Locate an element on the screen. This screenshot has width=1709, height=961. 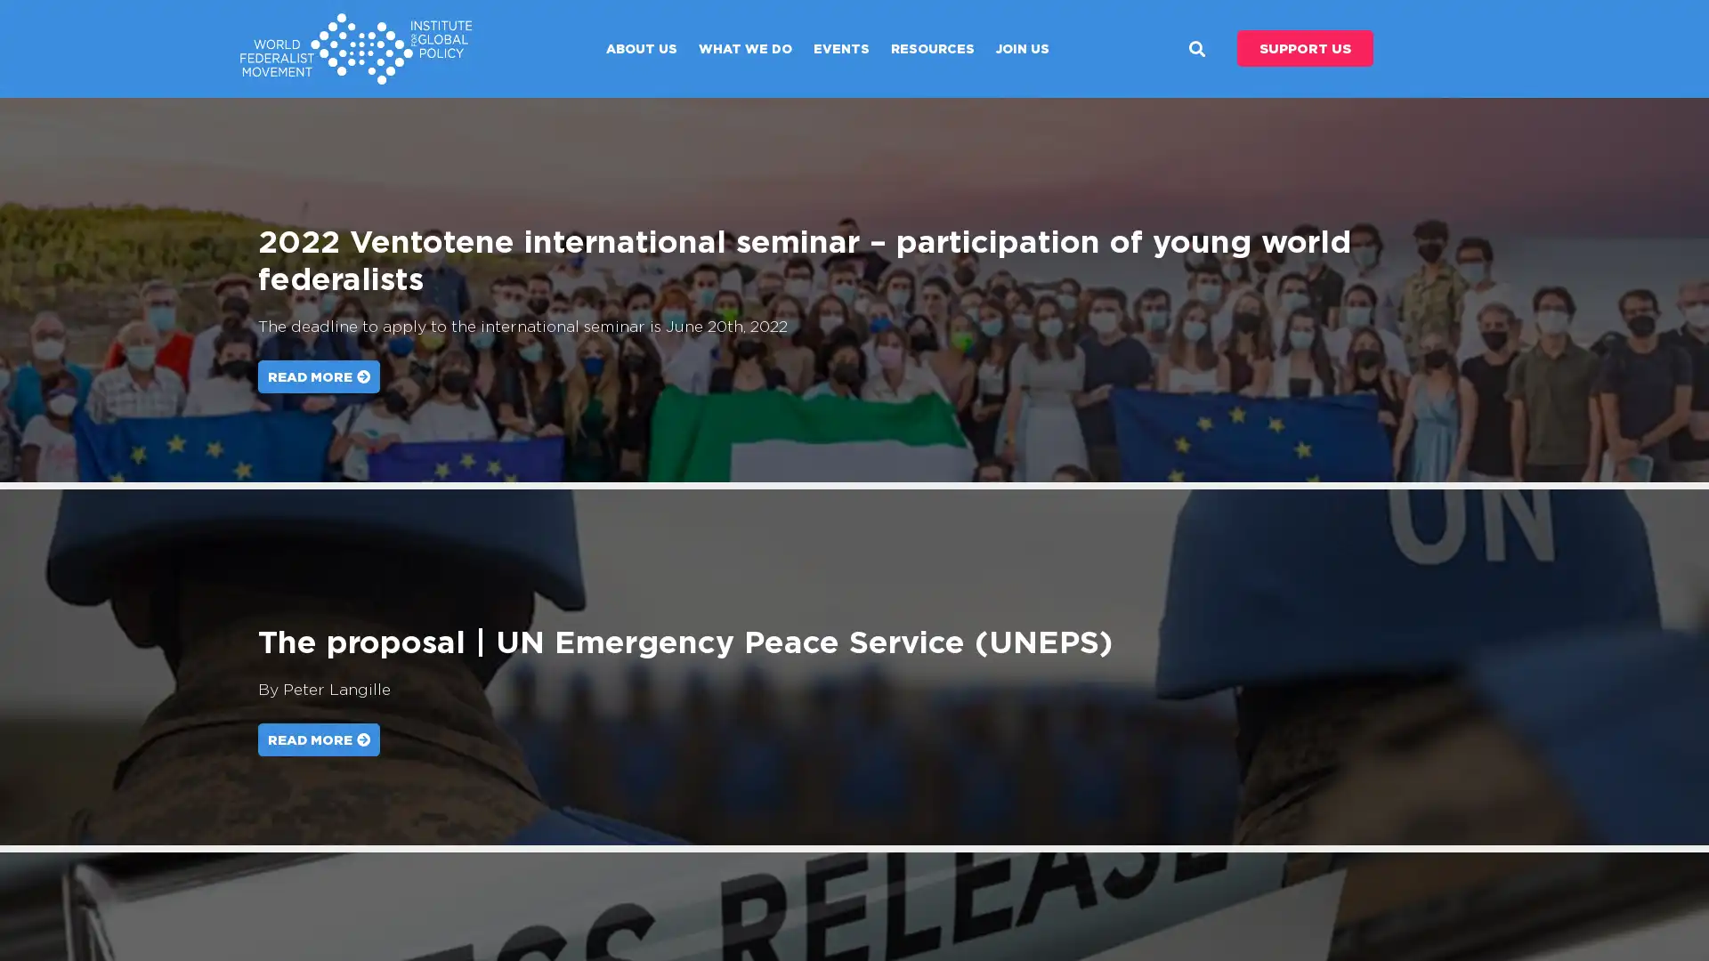
Next is located at coordinates (1661, 290).